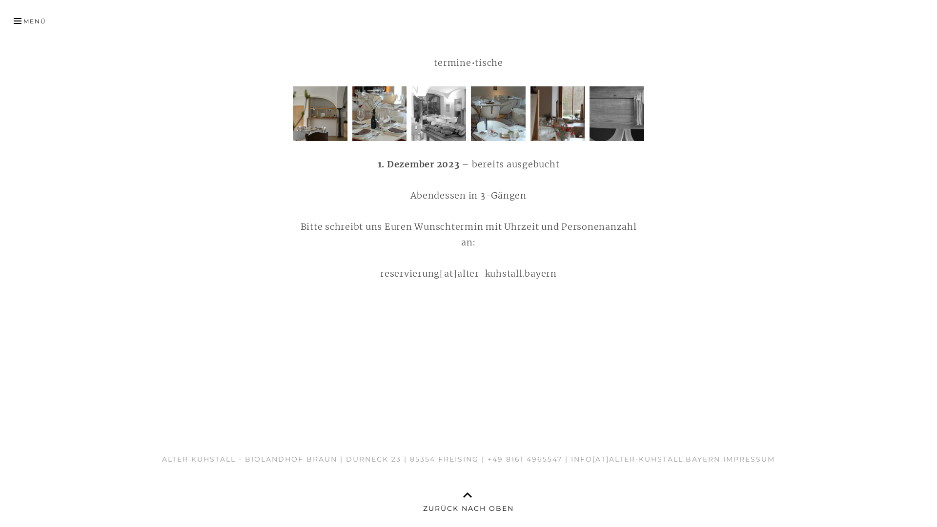  What do you see at coordinates (616, 113) in the screenshot?
I see `'Raum 6'` at bounding box center [616, 113].